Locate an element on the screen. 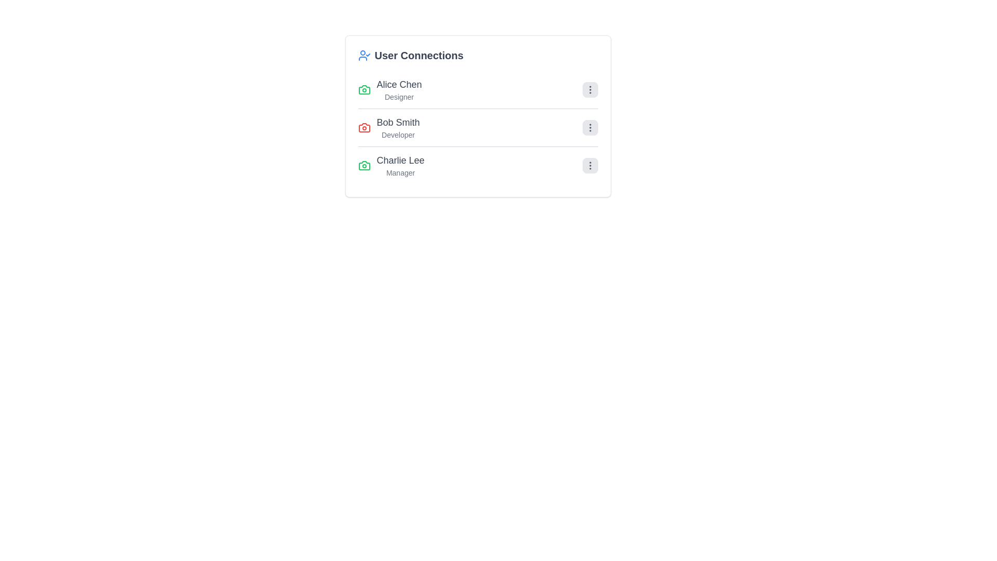  the text label displaying the name 'Bob Smith' in the 'User Connections' list by clicking on it is located at coordinates (398, 122).